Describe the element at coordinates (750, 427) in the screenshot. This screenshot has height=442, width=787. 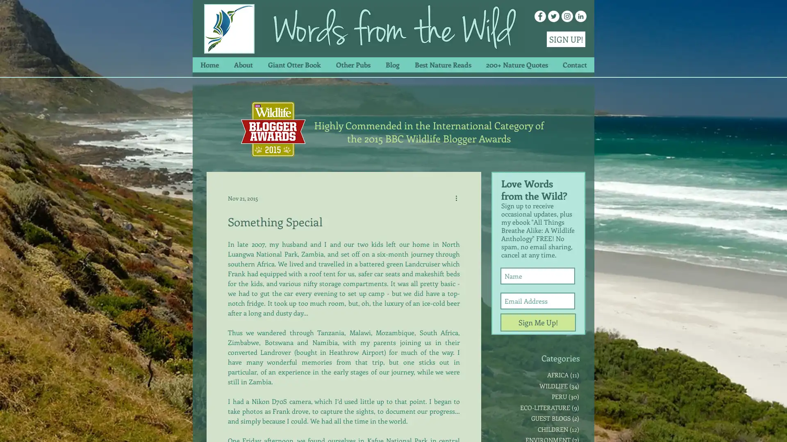
I see `Accept` at that location.